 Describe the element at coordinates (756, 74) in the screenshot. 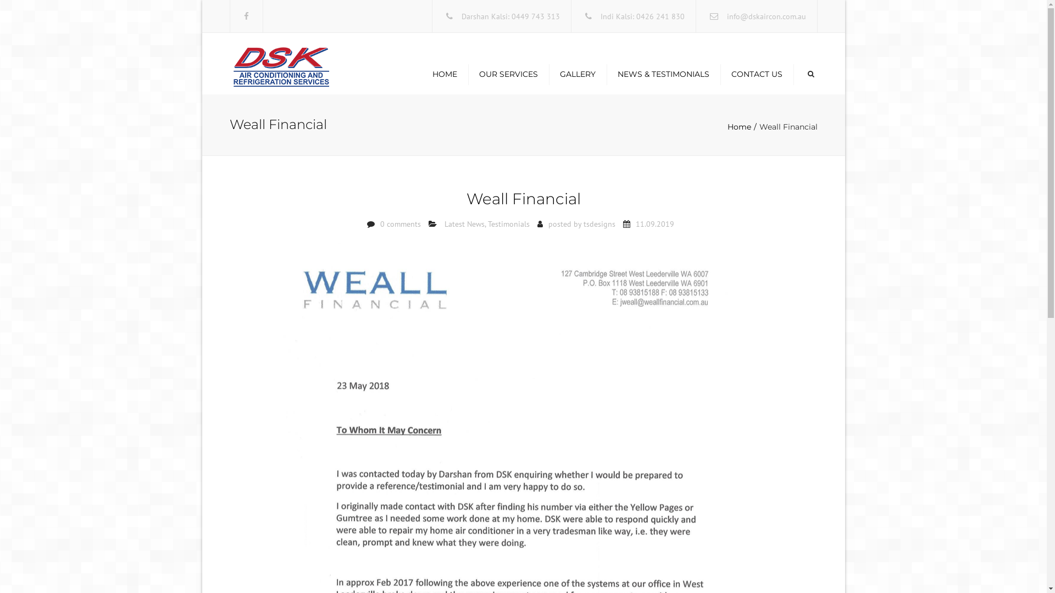

I see `'CONTACT US'` at that location.